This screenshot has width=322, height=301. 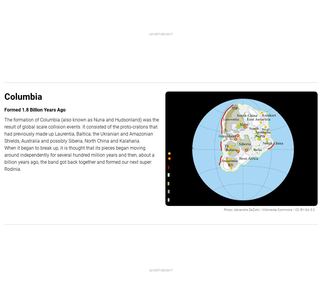 What do you see at coordinates (4, 158) in the screenshot?
I see `'When it began to break up, it is thought that its pieces began moving around independently for several hundred million years and then, about a billion years ago, the band got back together and formed our next super: Rodinia.'` at bounding box center [4, 158].